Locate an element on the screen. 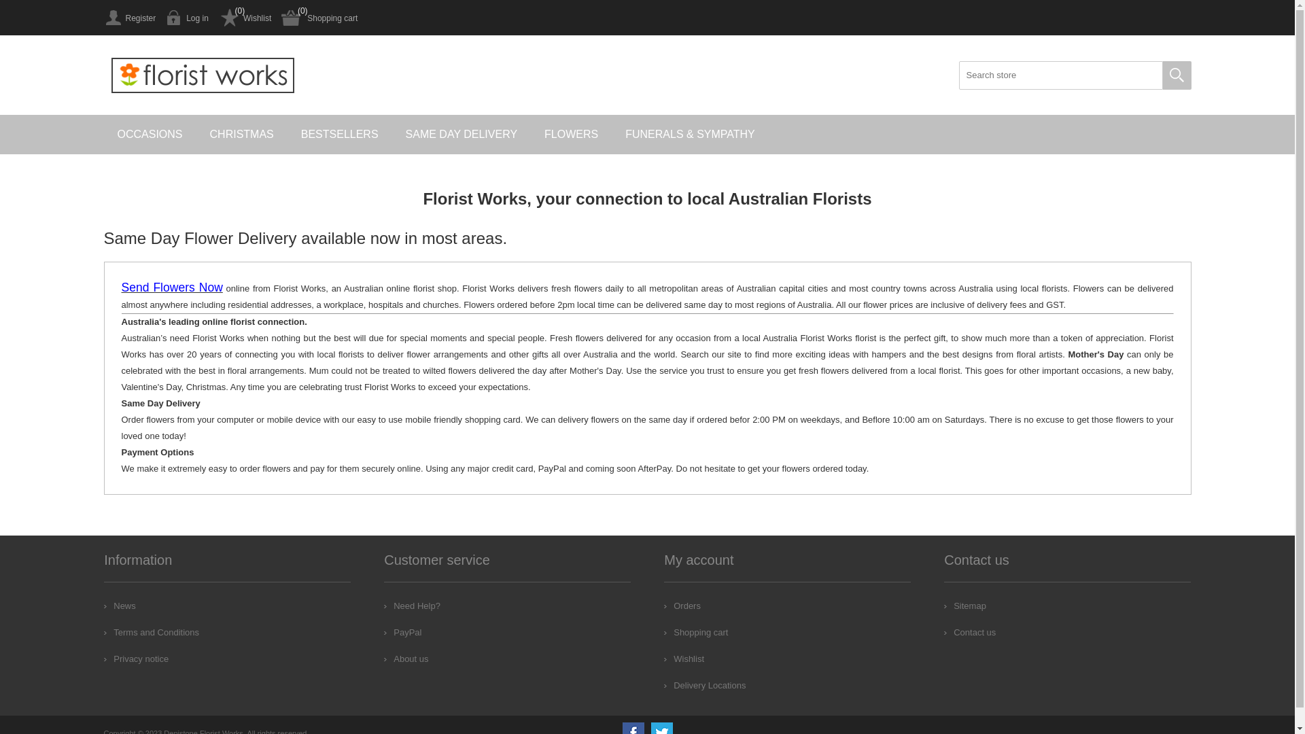  'BESTSELLERS' is located at coordinates (286, 134).